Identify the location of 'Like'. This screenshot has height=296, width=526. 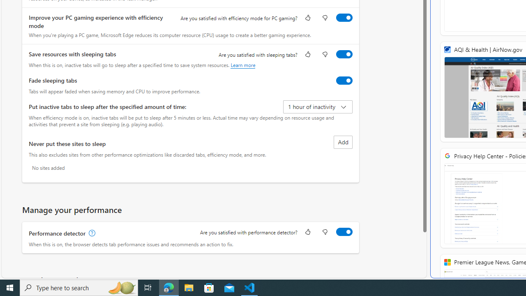
(307, 232).